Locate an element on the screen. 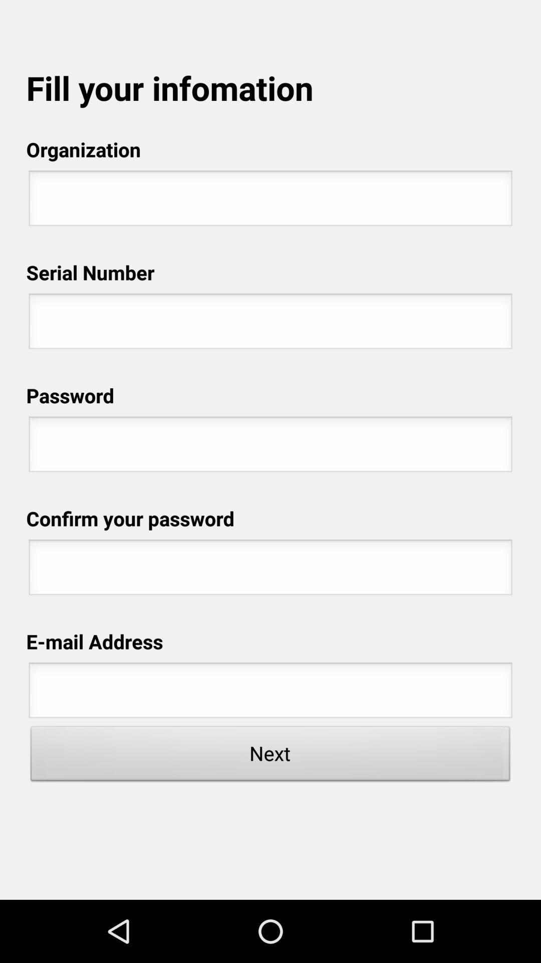  confirm password is located at coordinates (270, 570).